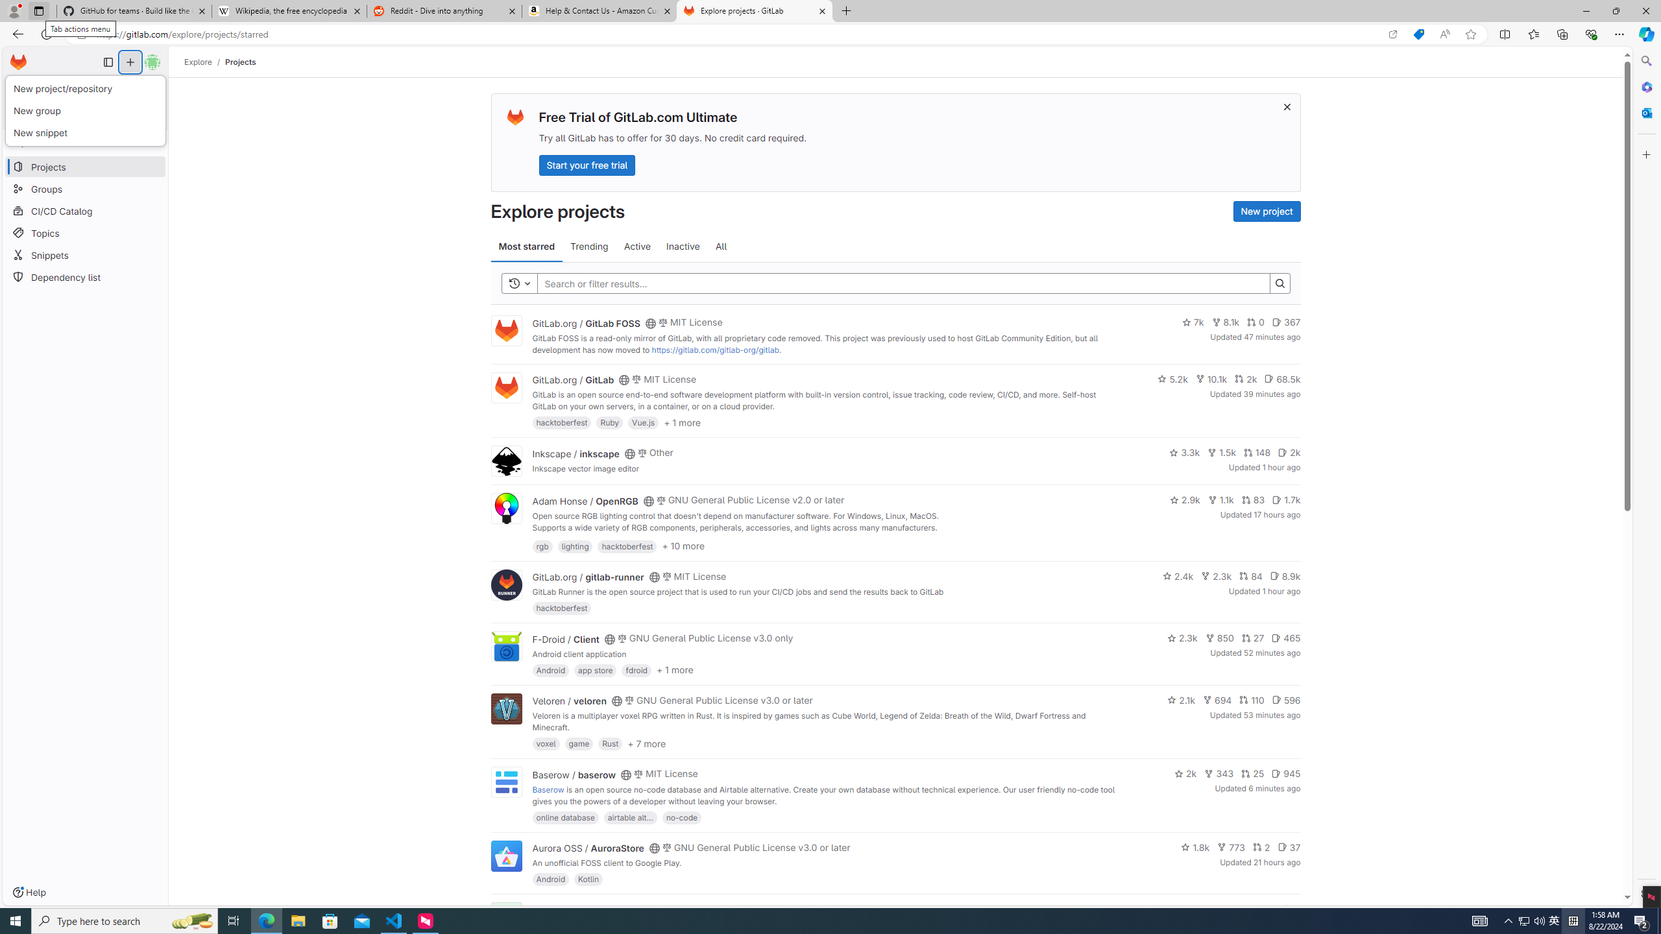 The width and height of the screenshot is (1661, 934). What do you see at coordinates (1221, 452) in the screenshot?
I see `'1.5k'` at bounding box center [1221, 452].